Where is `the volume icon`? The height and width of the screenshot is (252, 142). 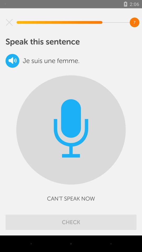
the volume icon is located at coordinates (12, 61).